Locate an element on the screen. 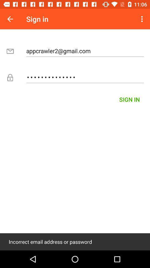 The height and width of the screenshot is (268, 150). the item at the top right corner is located at coordinates (142, 19).